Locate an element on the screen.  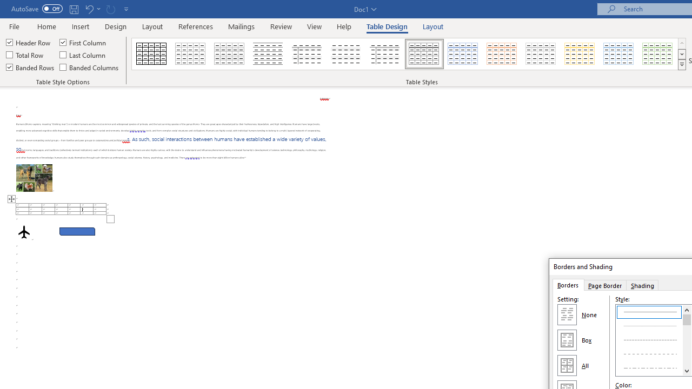
'File Tab' is located at coordinates (14, 25).